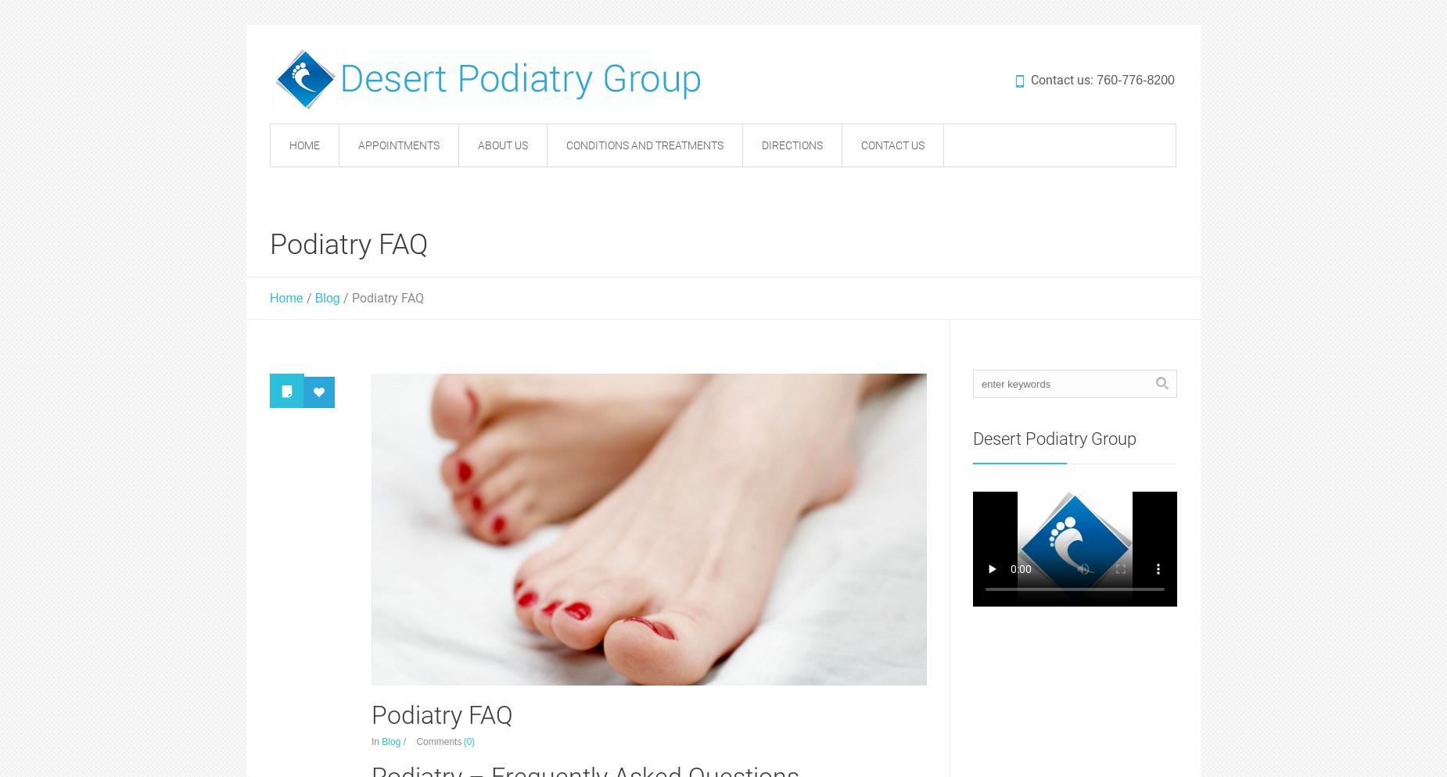  I want to click on 'Home', so click(285, 298).